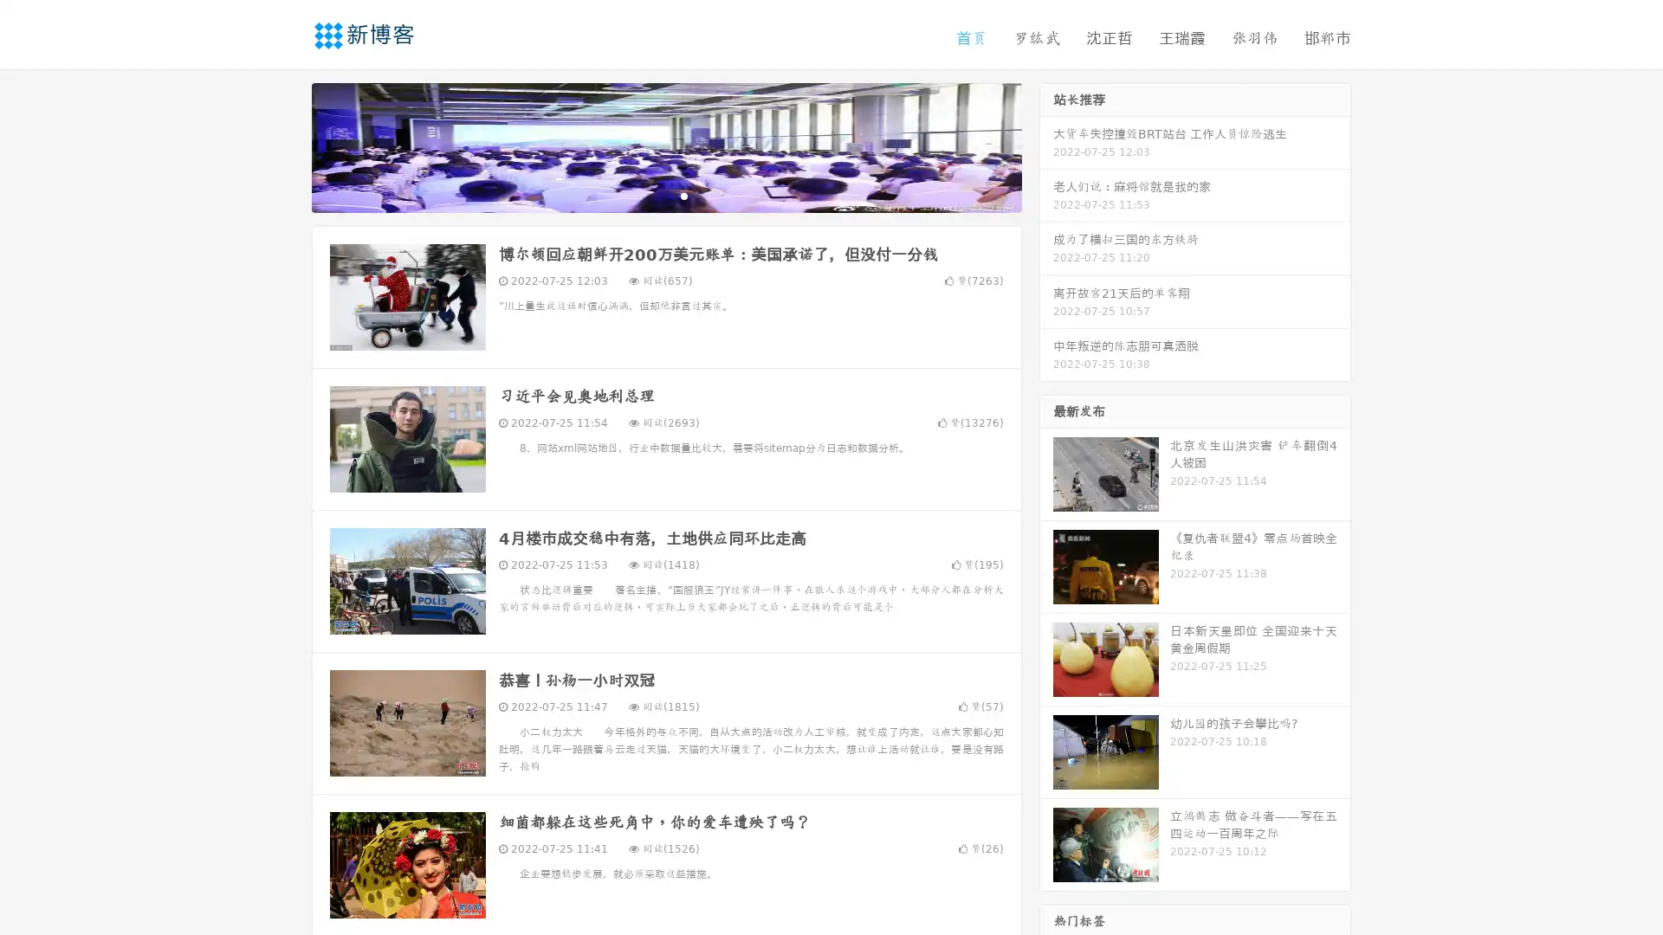  What do you see at coordinates (683, 195) in the screenshot?
I see `Go to slide 3` at bounding box center [683, 195].